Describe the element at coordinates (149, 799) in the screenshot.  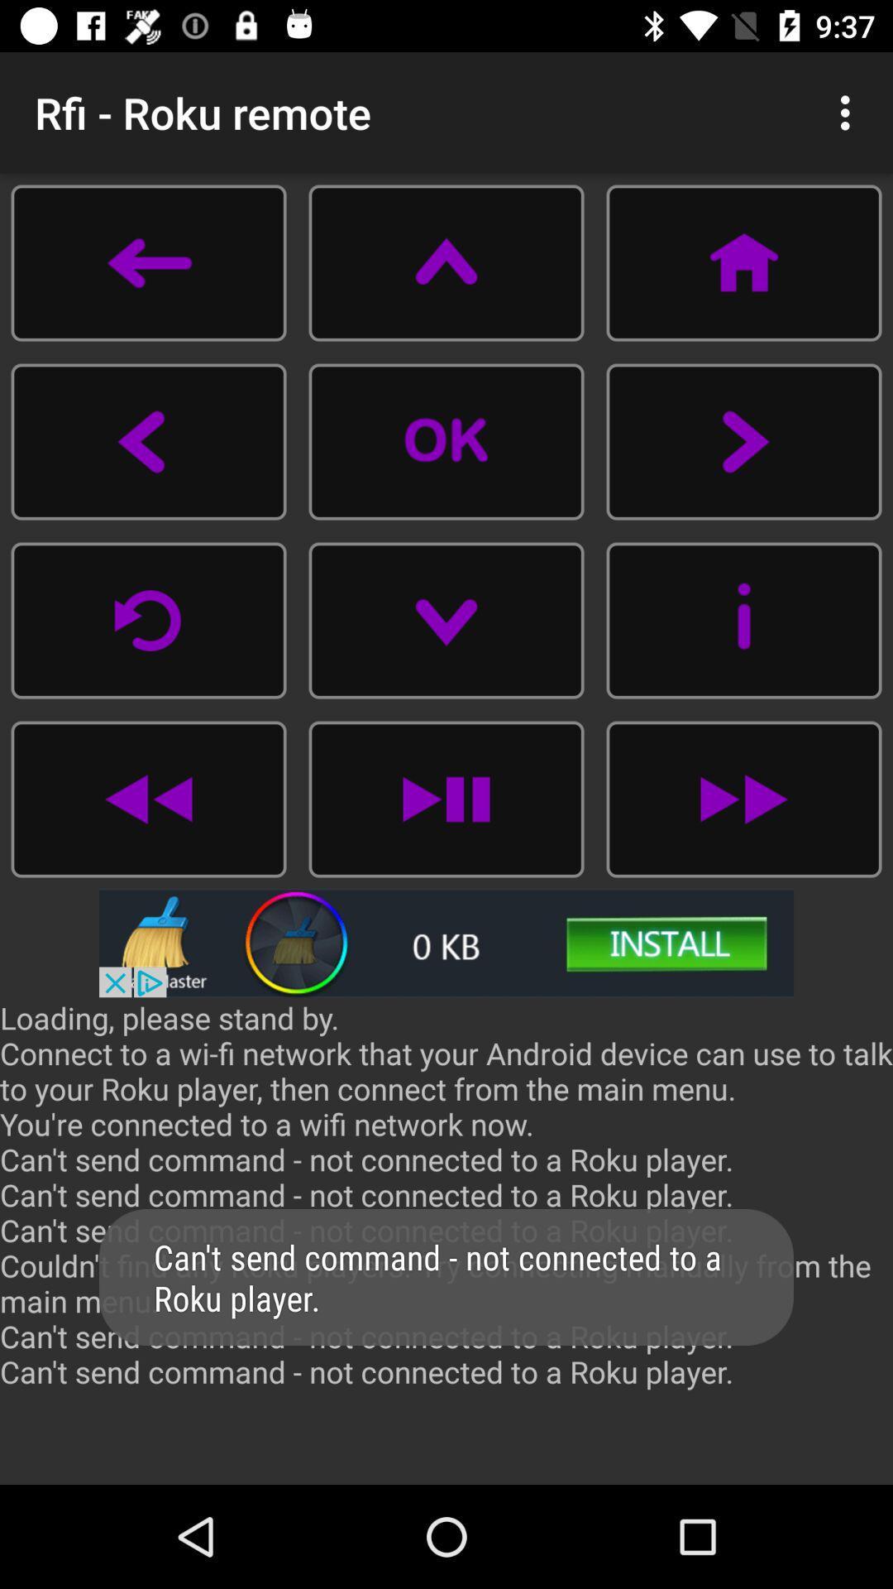
I see `go back` at that location.